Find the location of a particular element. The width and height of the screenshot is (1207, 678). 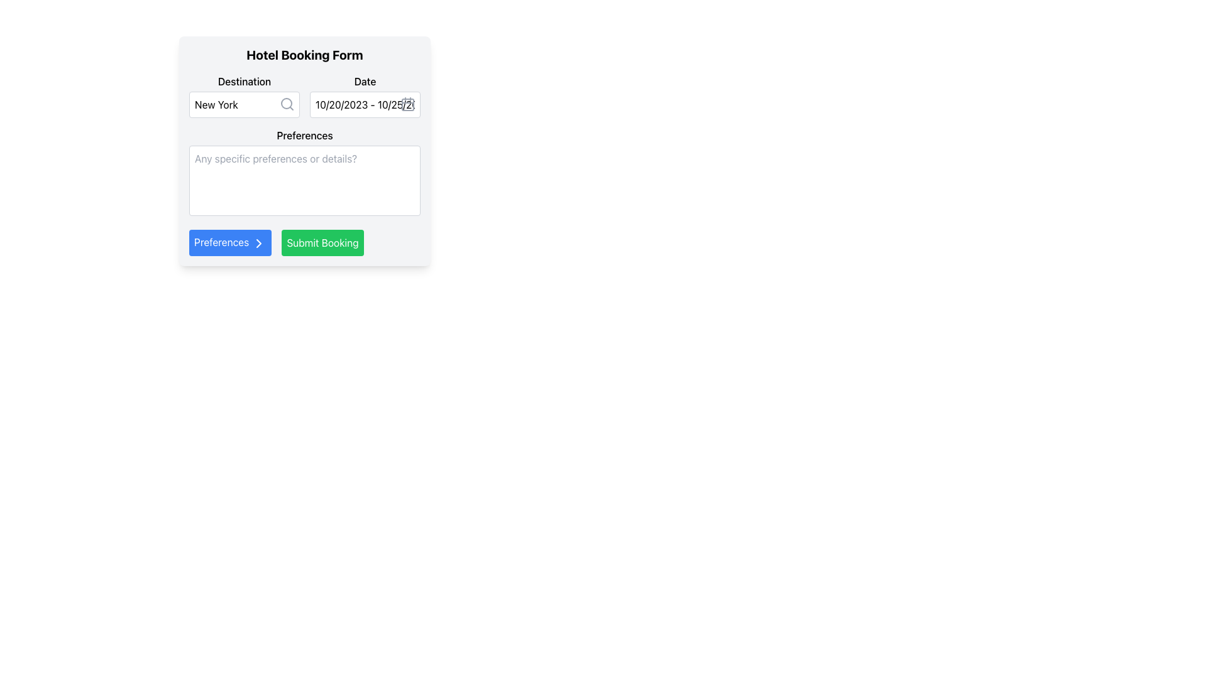

the gray search icon (magnifying glass) located near the top-right corner of the 'Destination' text input field is located at coordinates (286, 103).